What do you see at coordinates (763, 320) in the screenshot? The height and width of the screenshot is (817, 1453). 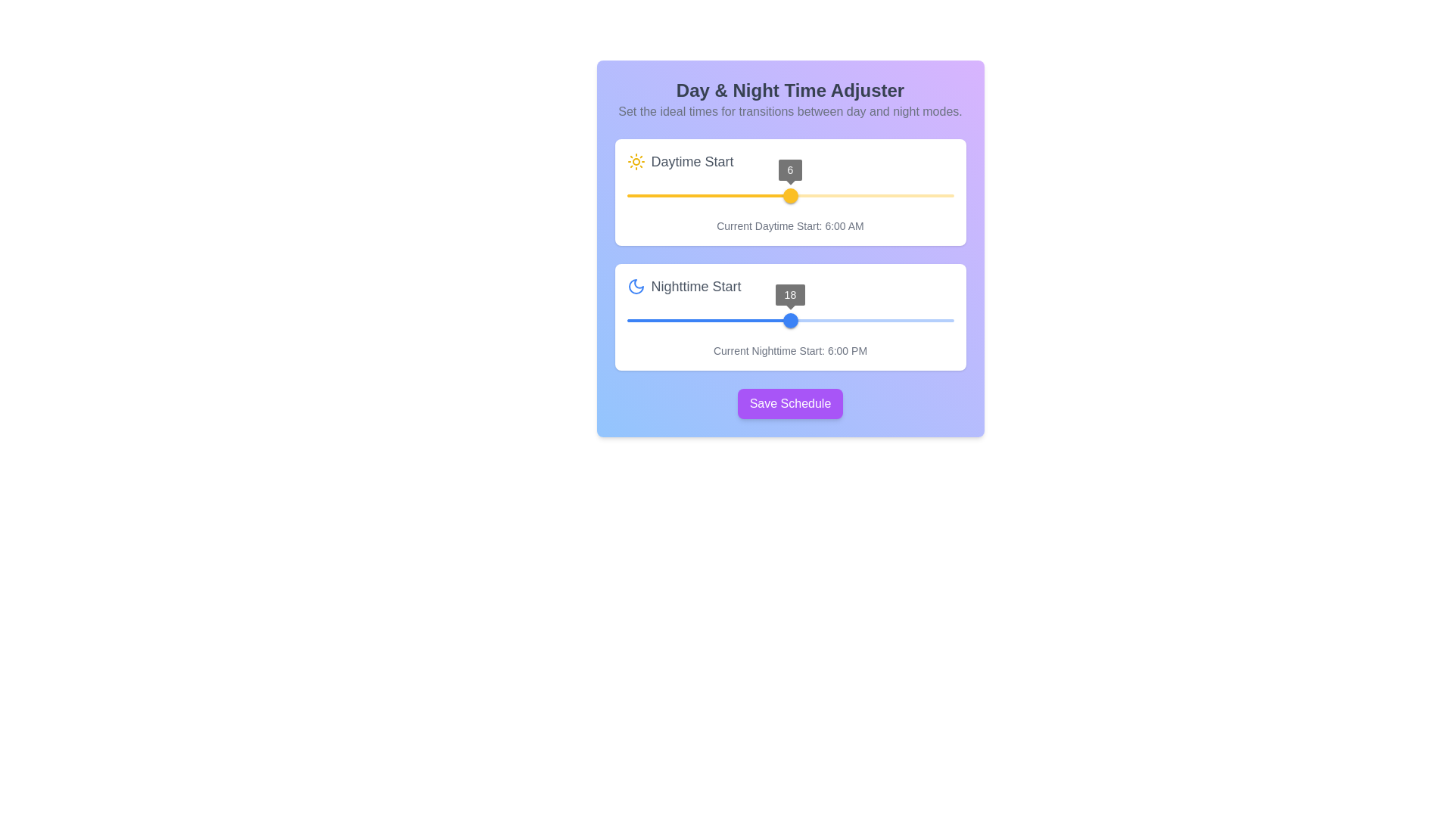 I see `the nighttime slider` at bounding box center [763, 320].